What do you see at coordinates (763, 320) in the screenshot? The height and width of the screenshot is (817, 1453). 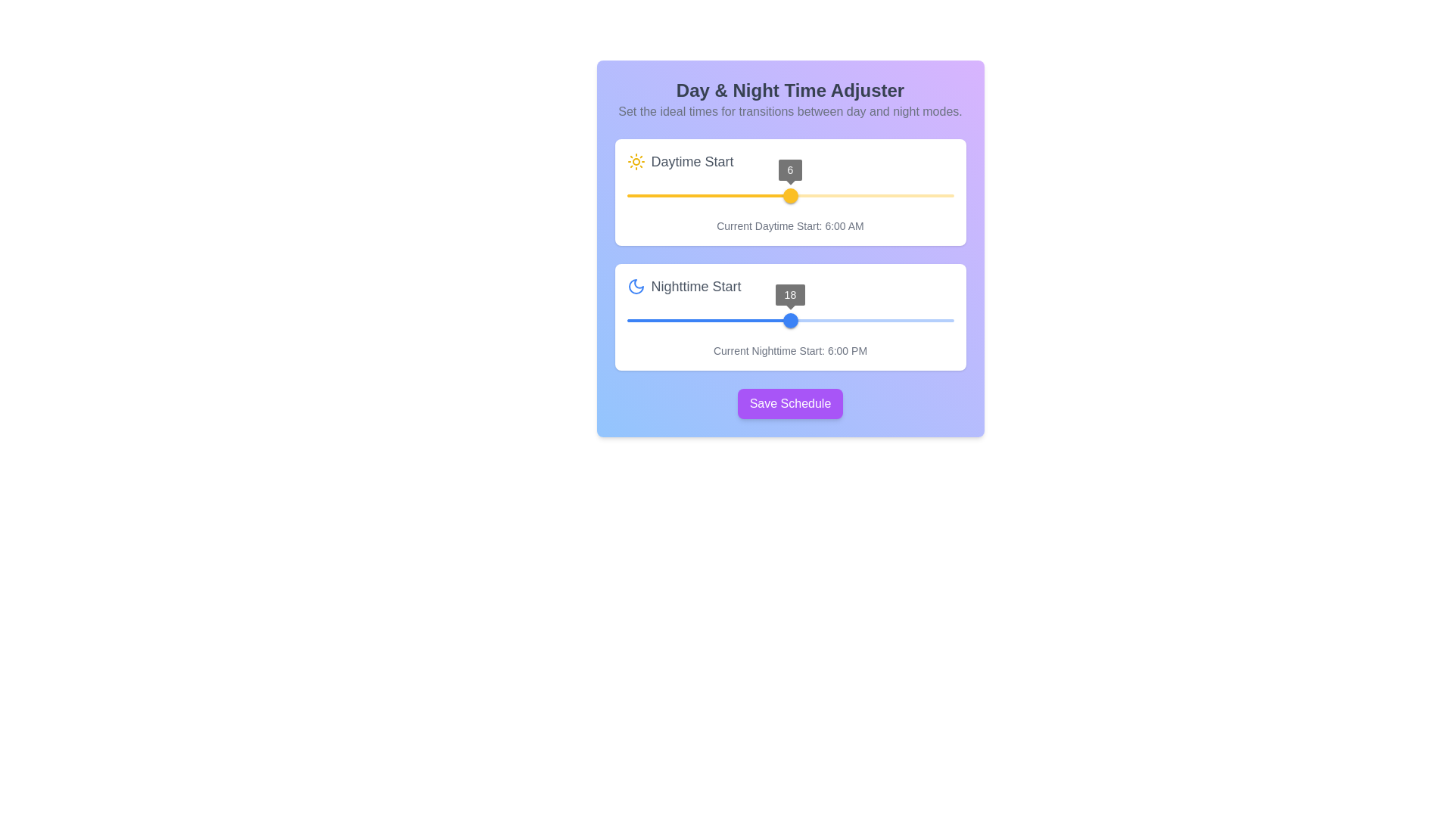 I see `the nighttime slider` at bounding box center [763, 320].